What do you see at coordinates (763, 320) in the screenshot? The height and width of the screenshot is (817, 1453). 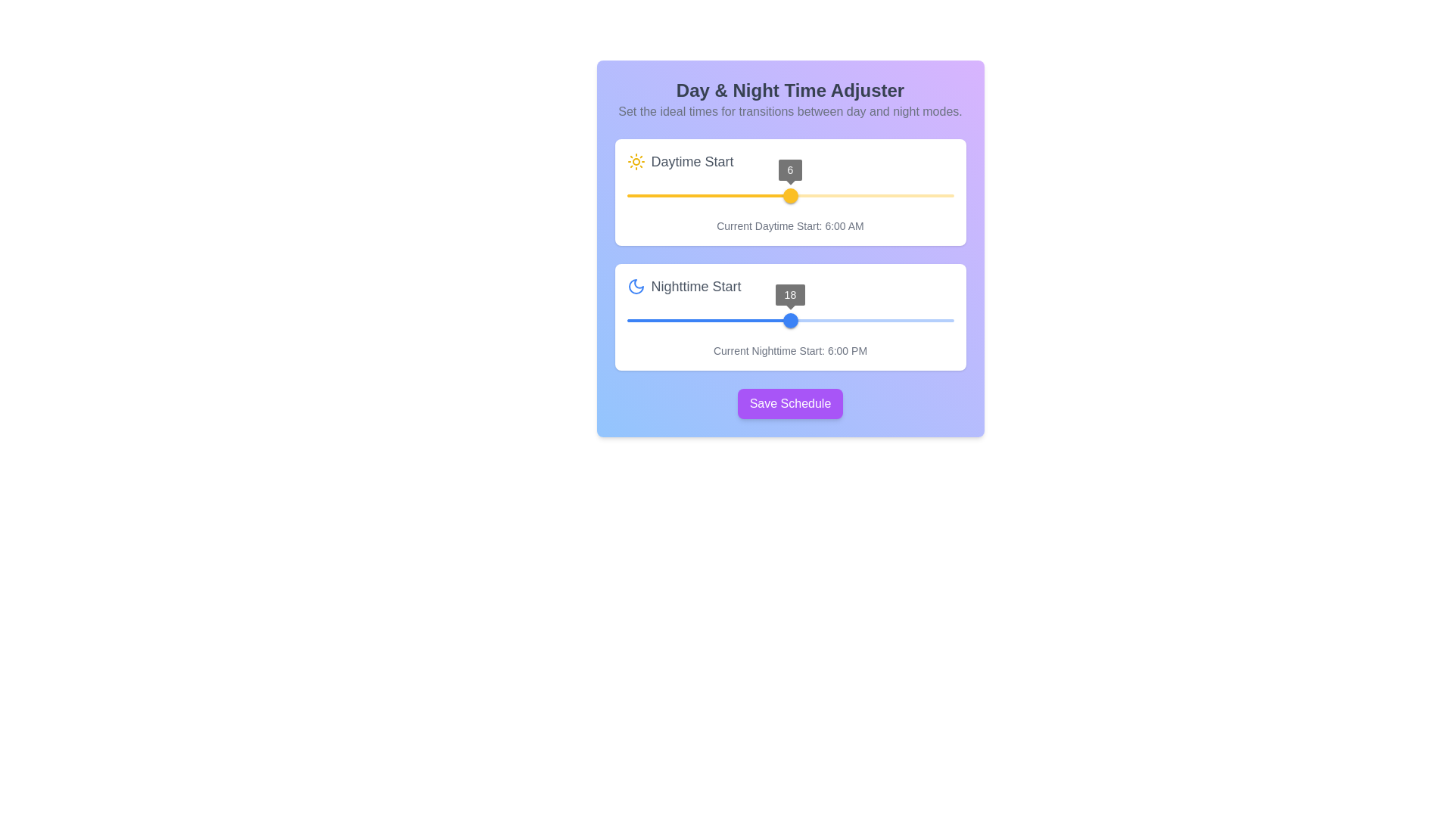 I see `the nighttime slider` at bounding box center [763, 320].